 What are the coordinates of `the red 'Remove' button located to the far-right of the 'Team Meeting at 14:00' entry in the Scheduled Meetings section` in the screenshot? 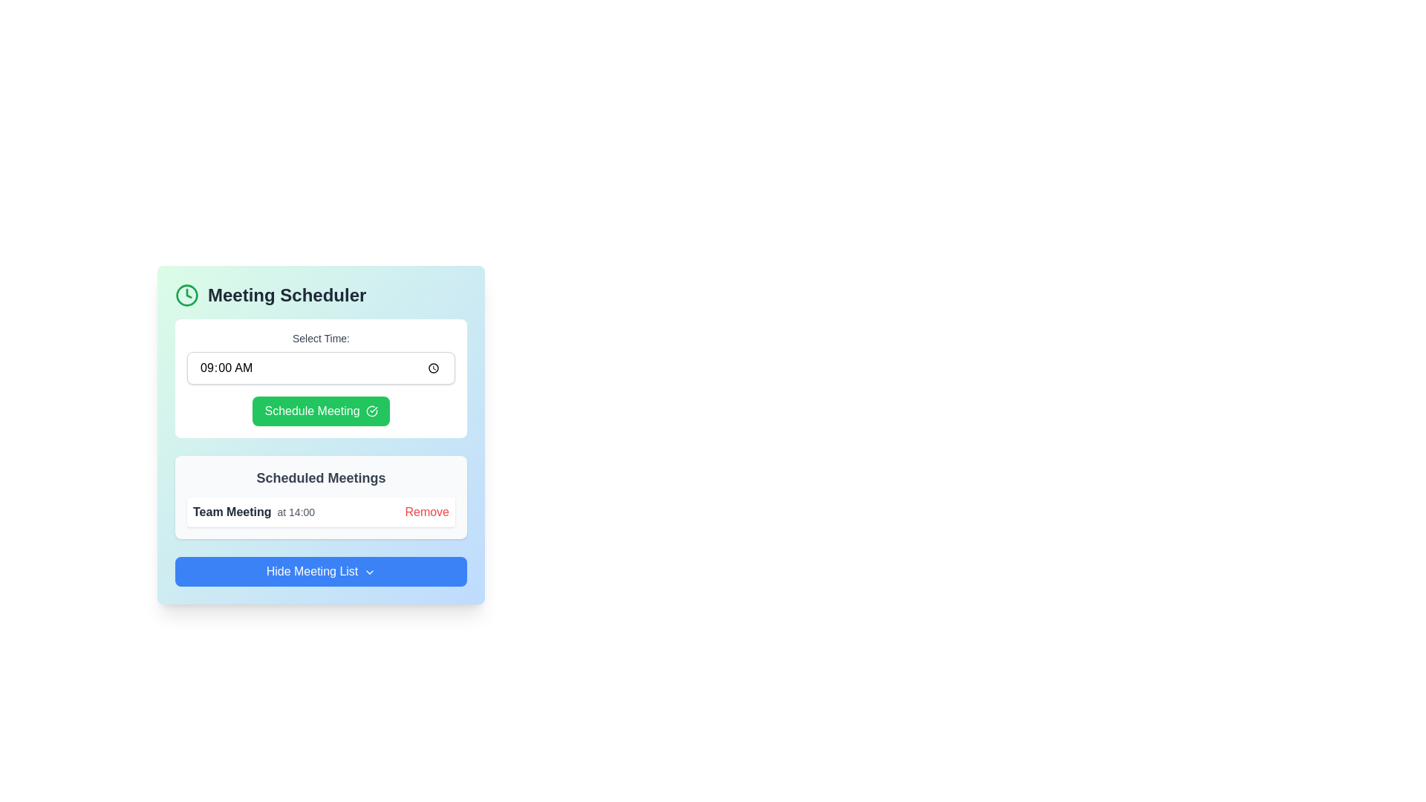 It's located at (426, 512).